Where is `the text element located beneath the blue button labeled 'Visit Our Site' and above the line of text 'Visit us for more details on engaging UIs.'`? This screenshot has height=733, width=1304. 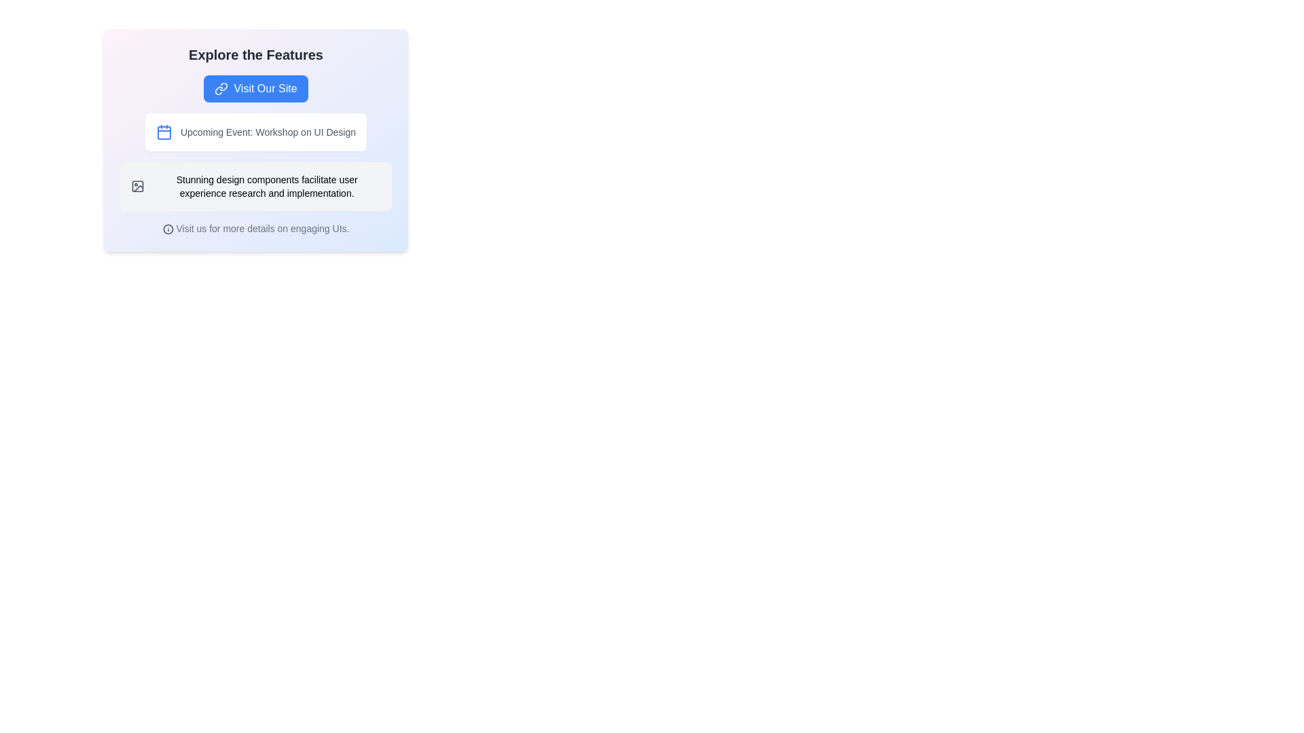 the text element located beneath the blue button labeled 'Visit Our Site' and above the line of text 'Visit us for more details on engaging UIs.' is located at coordinates (256, 186).